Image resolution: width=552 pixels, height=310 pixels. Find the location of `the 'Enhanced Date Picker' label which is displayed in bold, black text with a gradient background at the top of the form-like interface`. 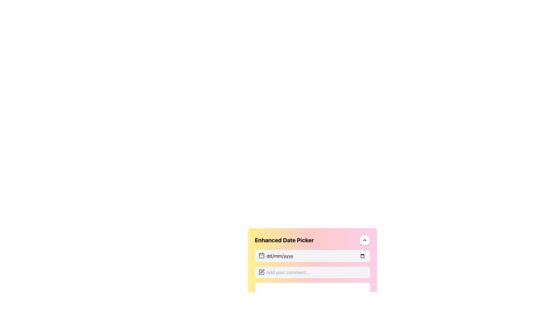

the 'Enhanced Date Picker' label which is displayed in bold, black text with a gradient background at the top of the form-like interface is located at coordinates (312, 240).